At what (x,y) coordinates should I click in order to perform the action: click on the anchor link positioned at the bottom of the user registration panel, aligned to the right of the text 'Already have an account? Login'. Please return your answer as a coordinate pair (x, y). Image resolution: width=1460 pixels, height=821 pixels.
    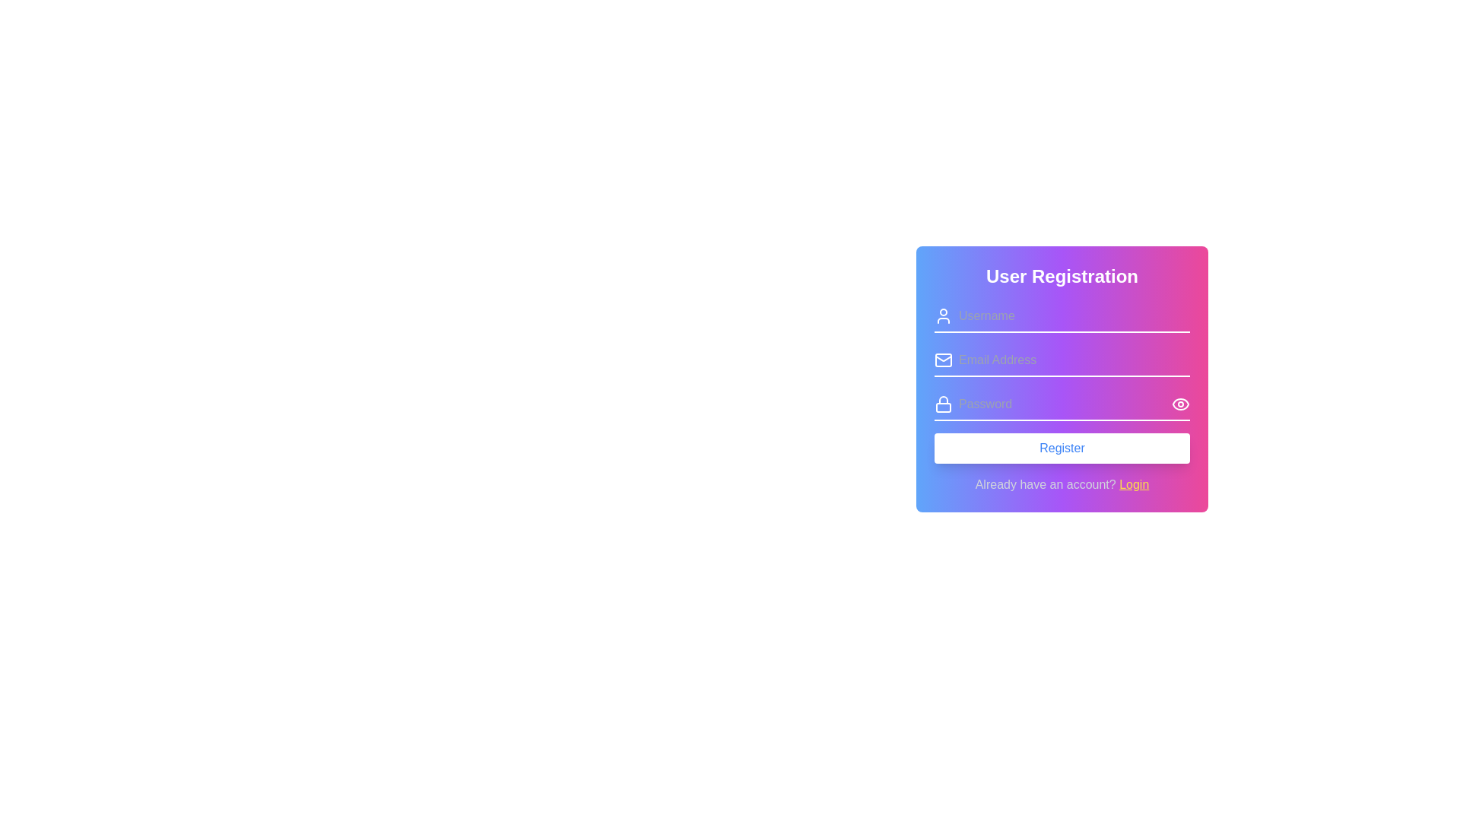
    Looking at the image, I should click on (1134, 484).